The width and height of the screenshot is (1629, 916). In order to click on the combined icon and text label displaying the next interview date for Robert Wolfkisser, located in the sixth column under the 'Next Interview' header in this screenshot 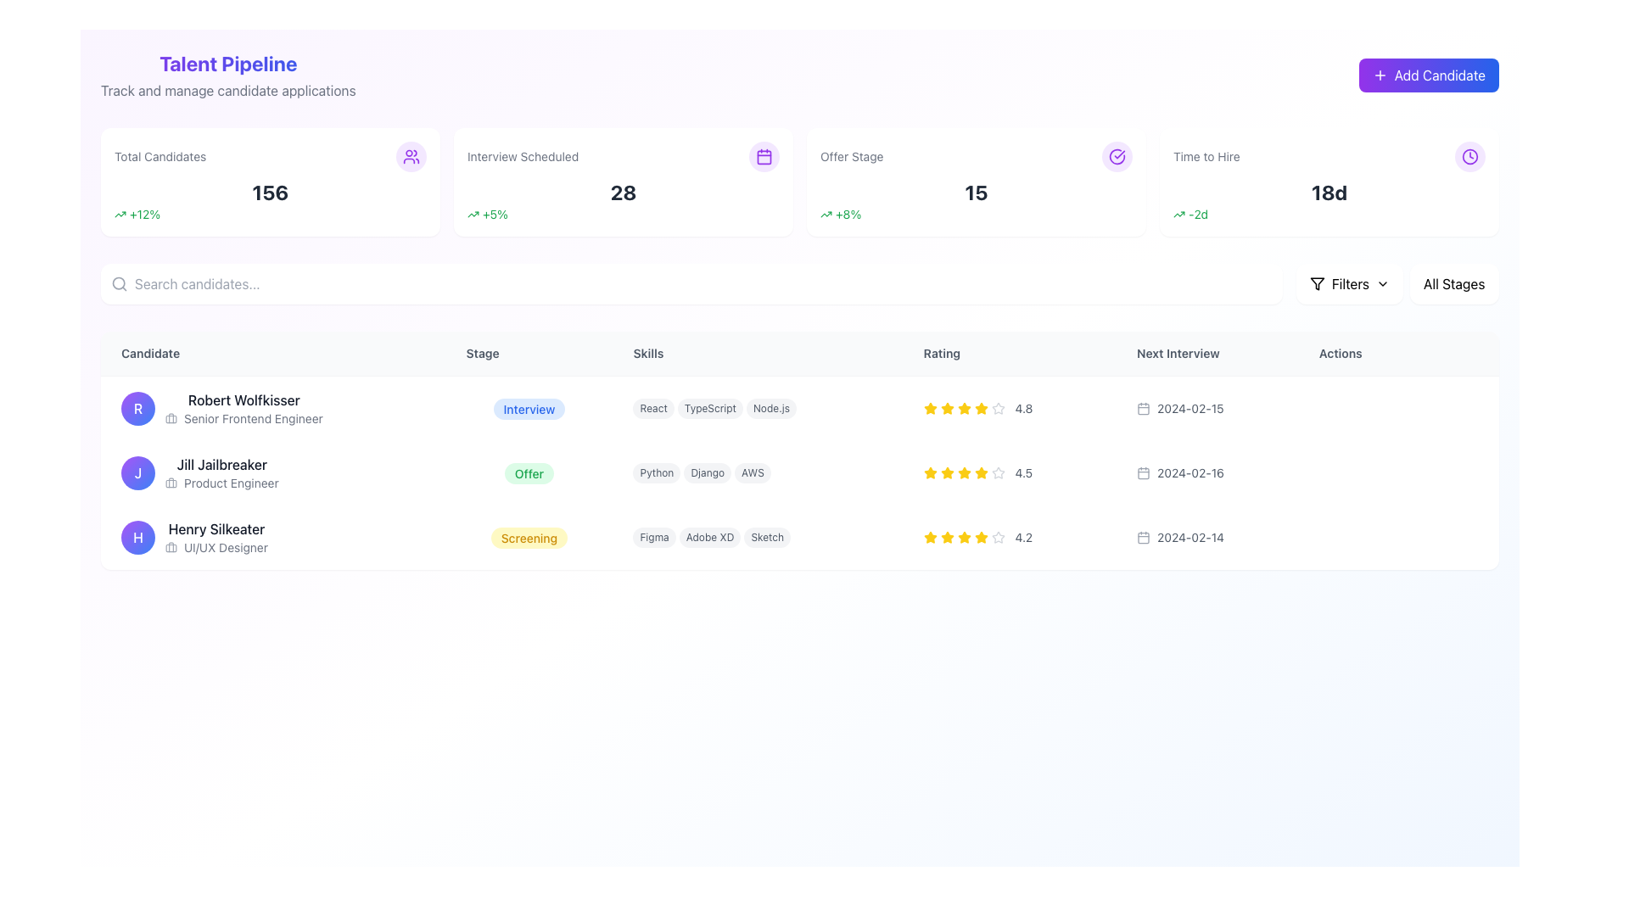, I will do `click(1206, 408)`.